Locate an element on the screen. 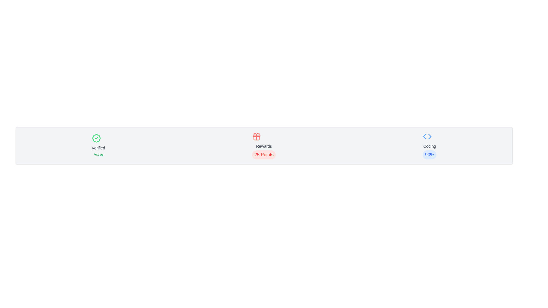 The image size is (548, 308). the Information block displaying coding-related information to associate the coding percentage with other details is located at coordinates (430, 145).